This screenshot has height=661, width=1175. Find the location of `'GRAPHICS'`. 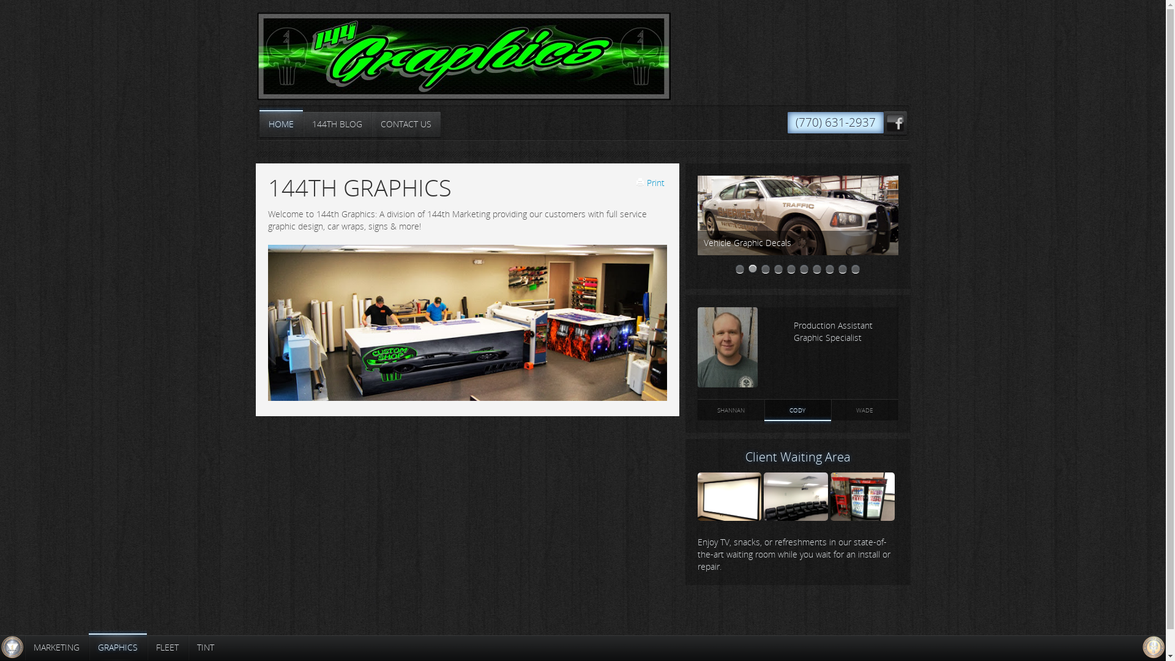

'GRAPHICS' is located at coordinates (88, 647).